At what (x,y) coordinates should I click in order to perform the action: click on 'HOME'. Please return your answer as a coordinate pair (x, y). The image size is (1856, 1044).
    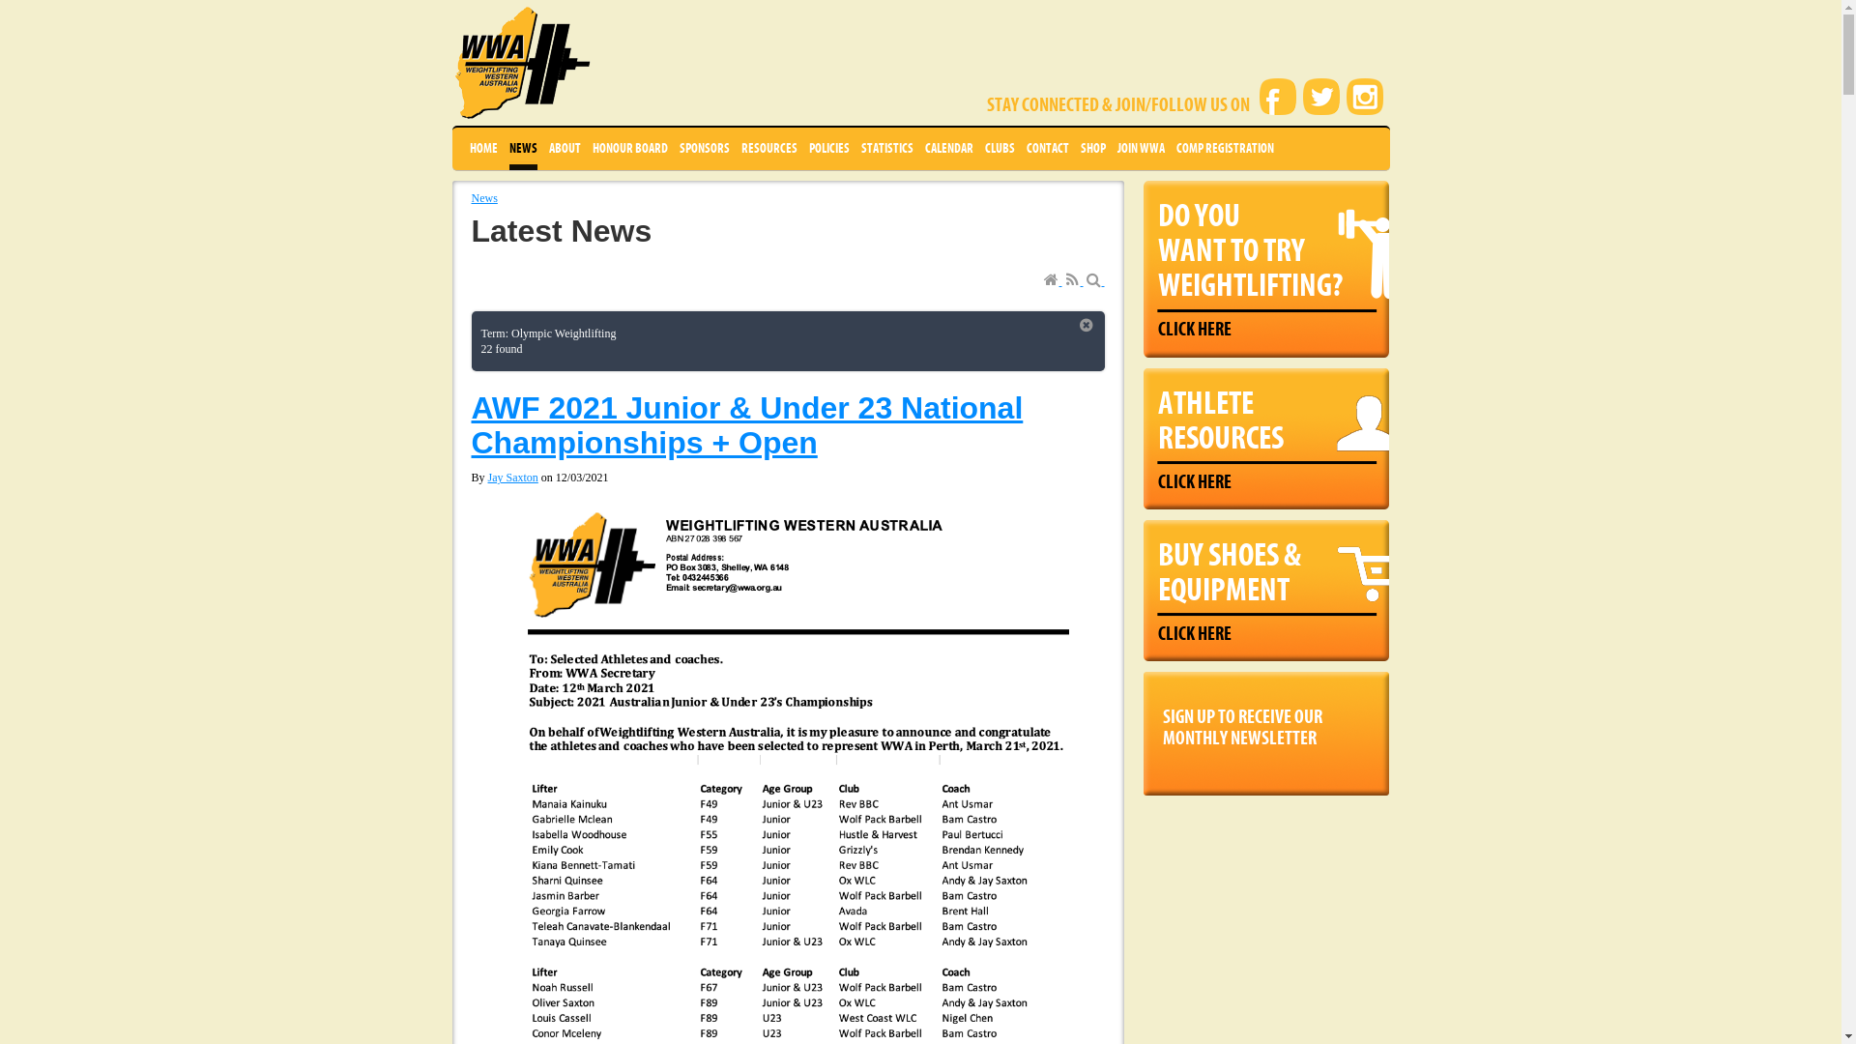
    Looking at the image, I should click on (483, 148).